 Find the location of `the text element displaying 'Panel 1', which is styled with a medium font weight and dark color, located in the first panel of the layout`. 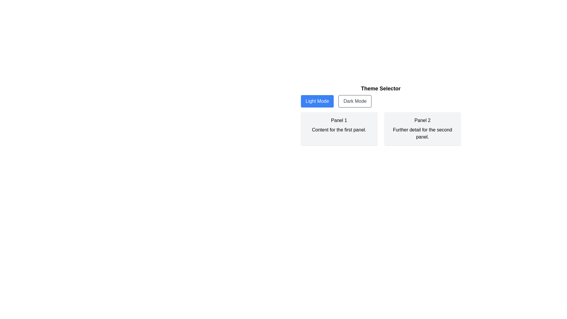

the text element displaying 'Panel 1', which is styled with a medium font weight and dark color, located in the first panel of the layout is located at coordinates (339, 120).